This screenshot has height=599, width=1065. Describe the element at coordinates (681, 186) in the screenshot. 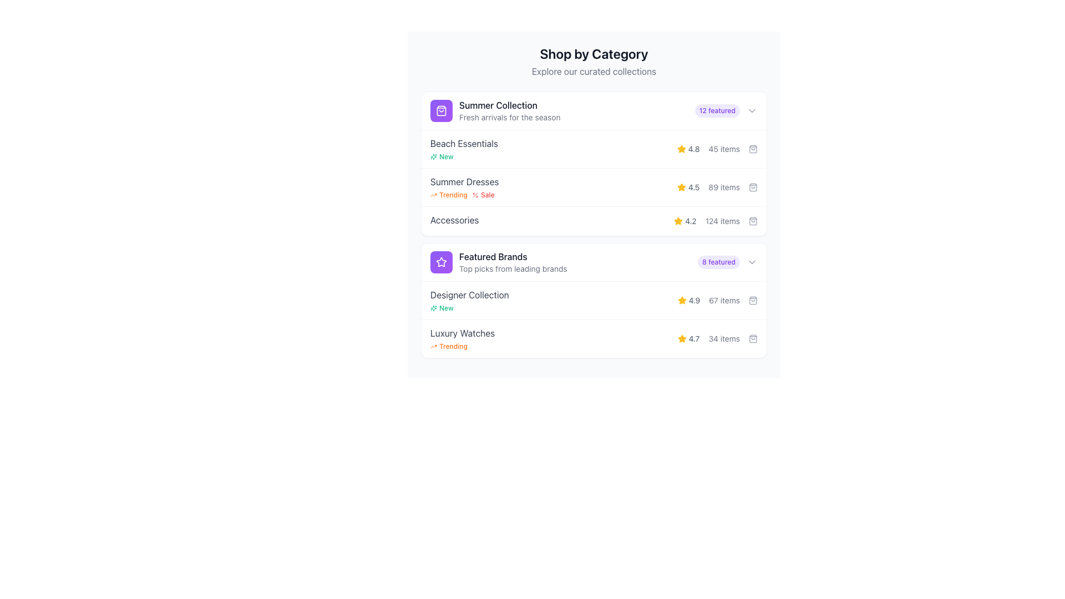

I see `the star rating icon located to the right of the text label for 'Summer Dresses' and left of the number '4.5' in the list` at that location.